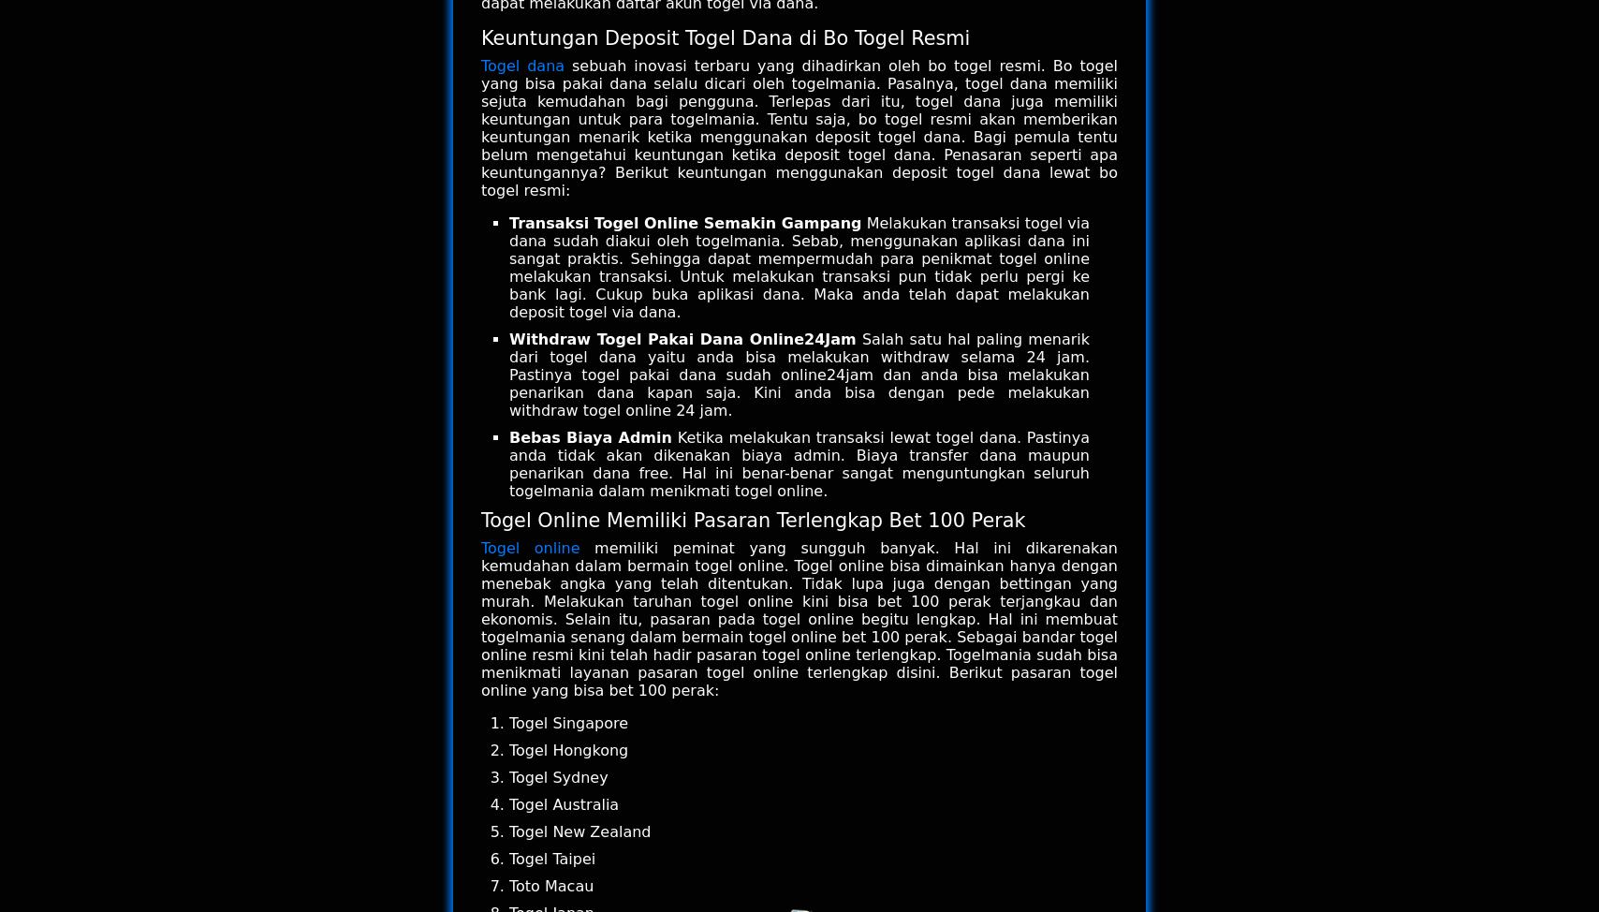 Image resolution: width=1599 pixels, height=912 pixels. I want to click on 'sebuah inovasi terbaru yang dihadirkan oleh bo togel resmi. Bo togel yang bisa pakai dana selalu dicari oleh togelmania. Pasalnya, togel dana memiliki sejuta kemudahan bagi pengguna. Terlepas dari itu, togel dana juga memiliki keuntungan untuk para togelmania. Tentu saja, bo togel resmi akan memberikan keuntungan menarik ketika menggunakan deposit togel dana. Bagi pemula tentu belum mengetahui keuntungan ketika deposit togel dana. Penasaran seperti apa keuntungannya? Berikut keuntungan menggunakan deposit togel dana lewat bo togel resmi:', so click(799, 127).